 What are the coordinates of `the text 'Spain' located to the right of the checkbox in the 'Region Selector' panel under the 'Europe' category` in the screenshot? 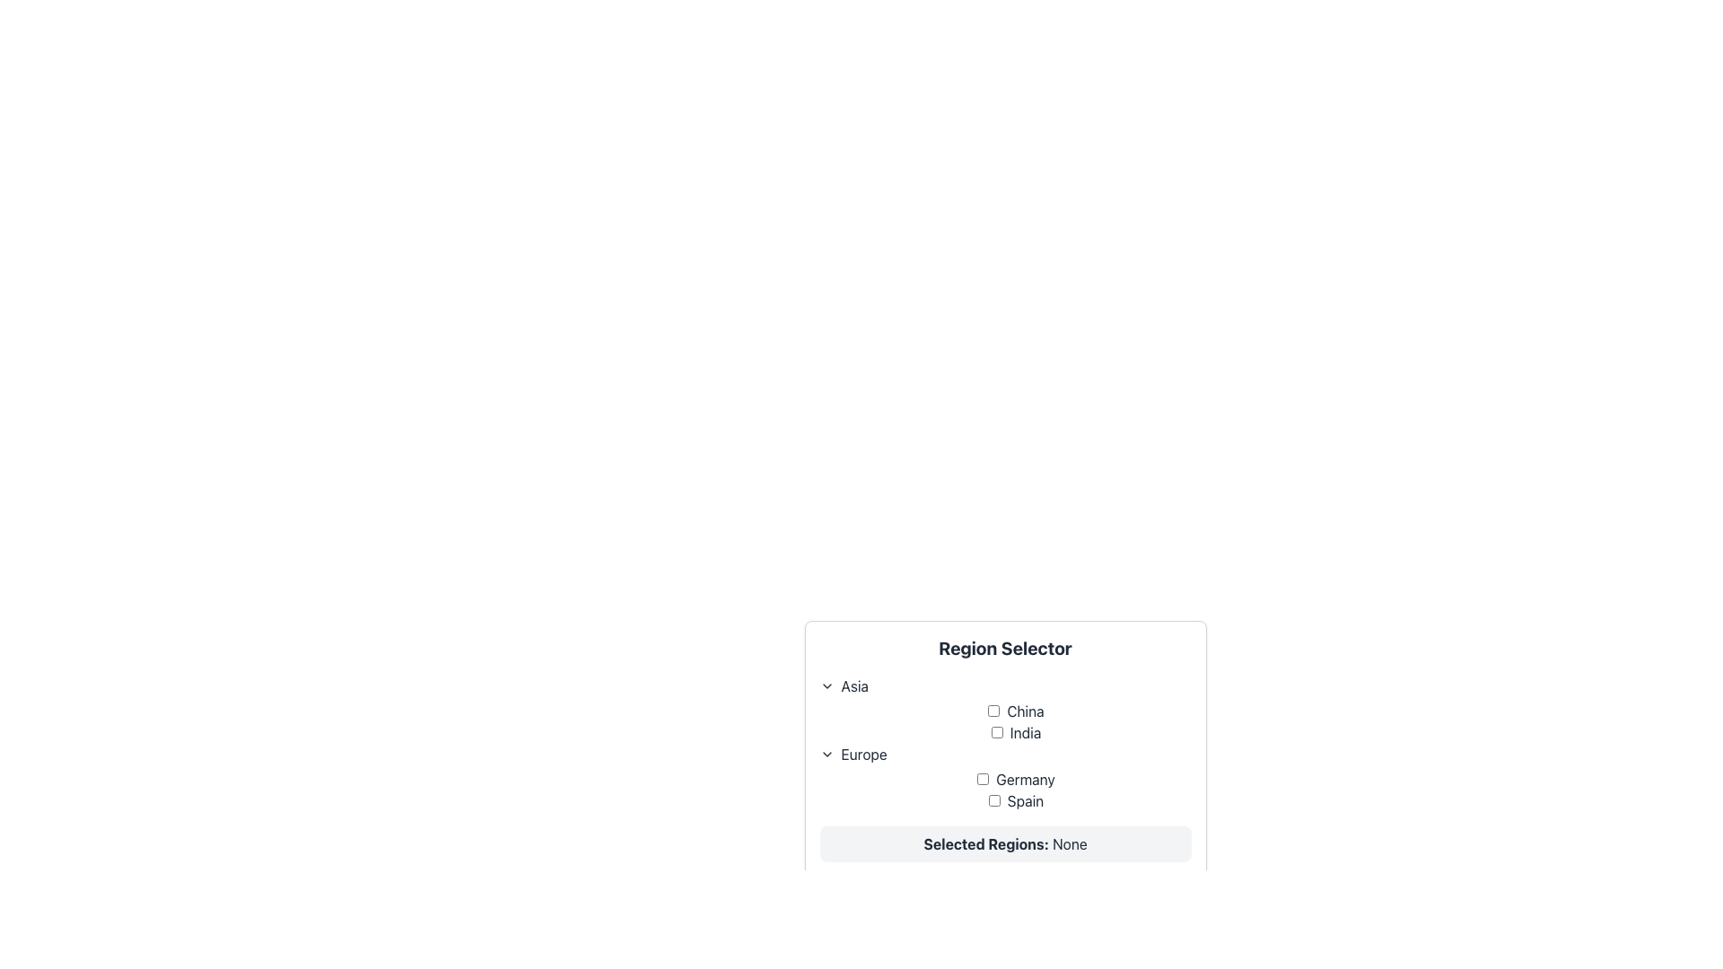 It's located at (1016, 800).